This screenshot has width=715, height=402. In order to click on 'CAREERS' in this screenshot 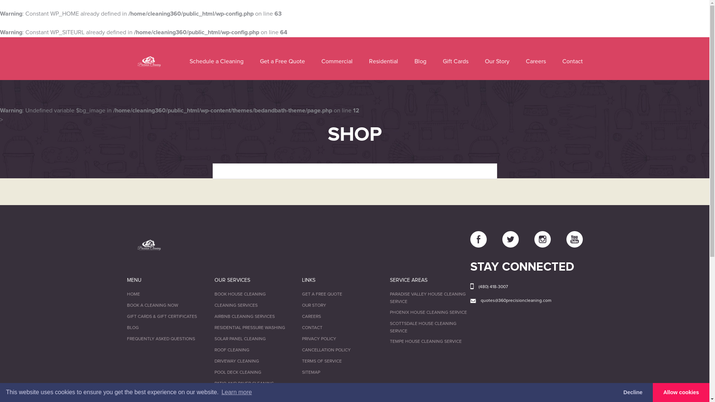, I will do `click(311, 317)`.